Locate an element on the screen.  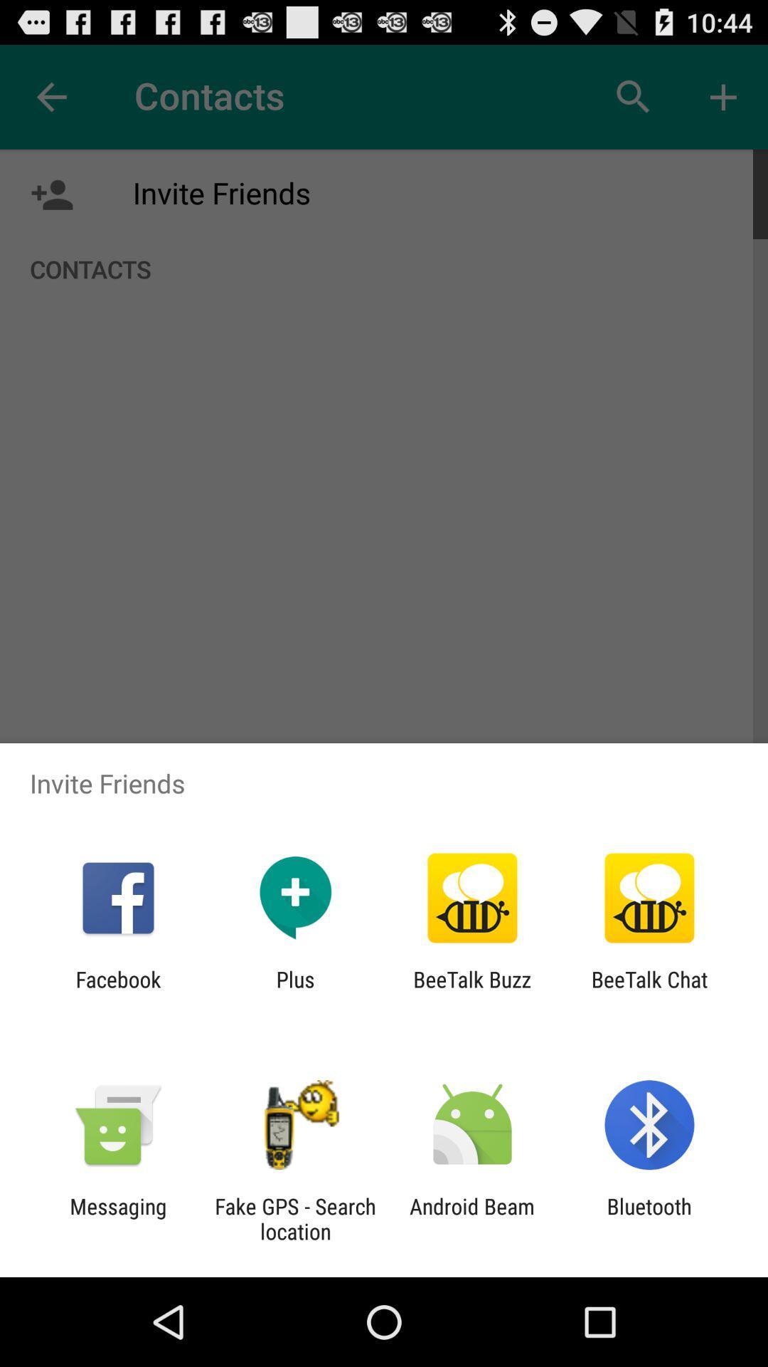
icon to the right of android beam is located at coordinates (649, 1218).